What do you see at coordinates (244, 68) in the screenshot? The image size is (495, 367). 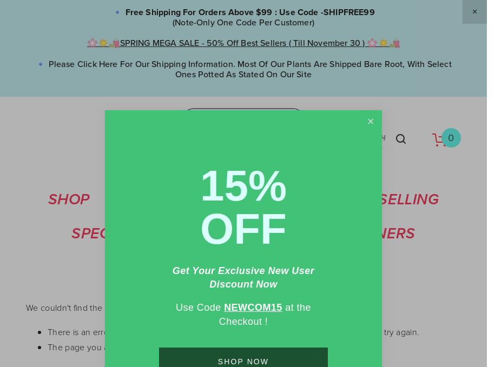 I see `'🔹 Please click here for our shipping information. Most of our plants are shipped bare root, with select ones potted as stated on our site'` at bounding box center [244, 68].